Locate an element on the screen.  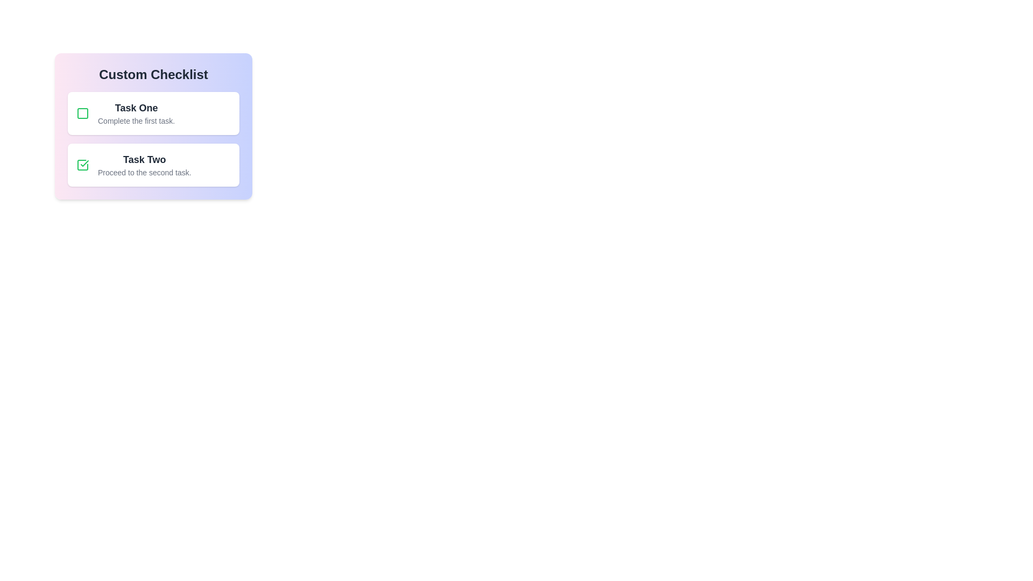
displayed text of the first task in the checklist interface, which is represented by the list item located to the left of the second task card is located at coordinates (125, 114).